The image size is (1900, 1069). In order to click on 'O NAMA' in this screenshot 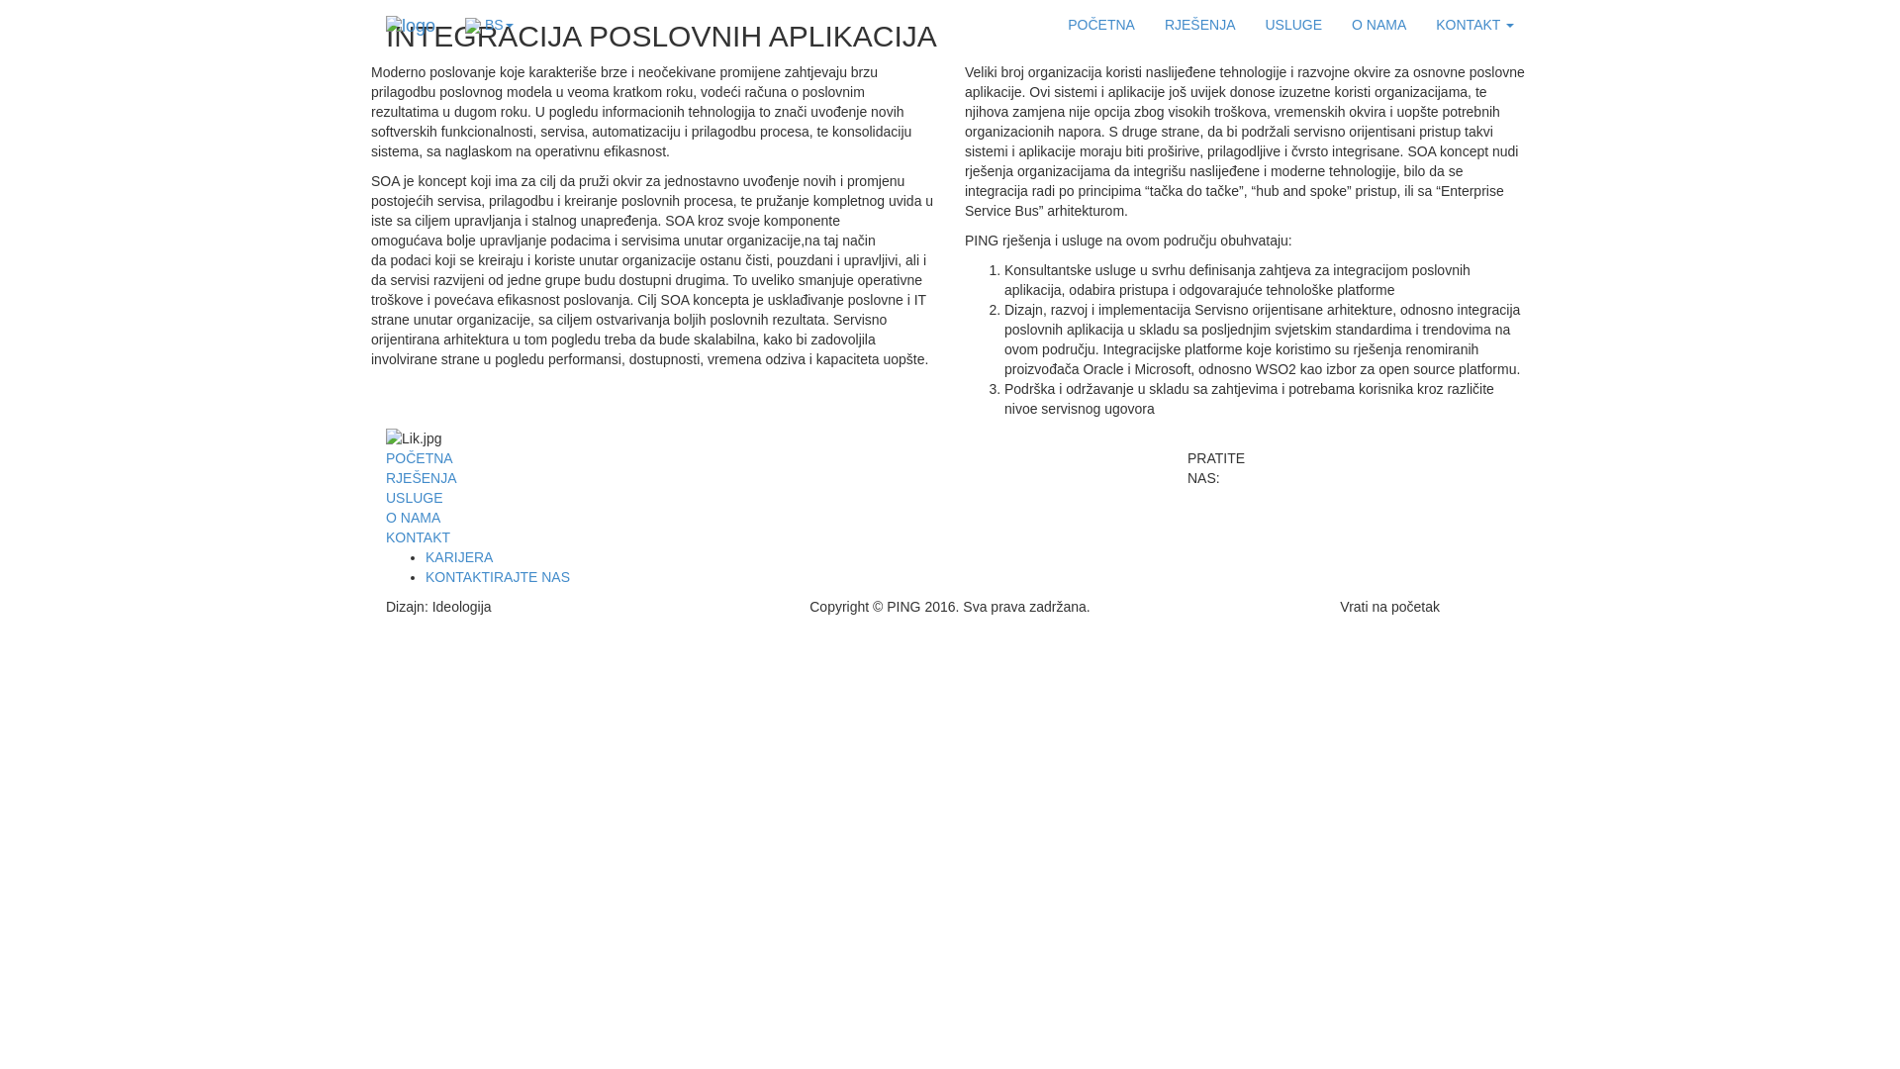, I will do `click(1377, 24)`.